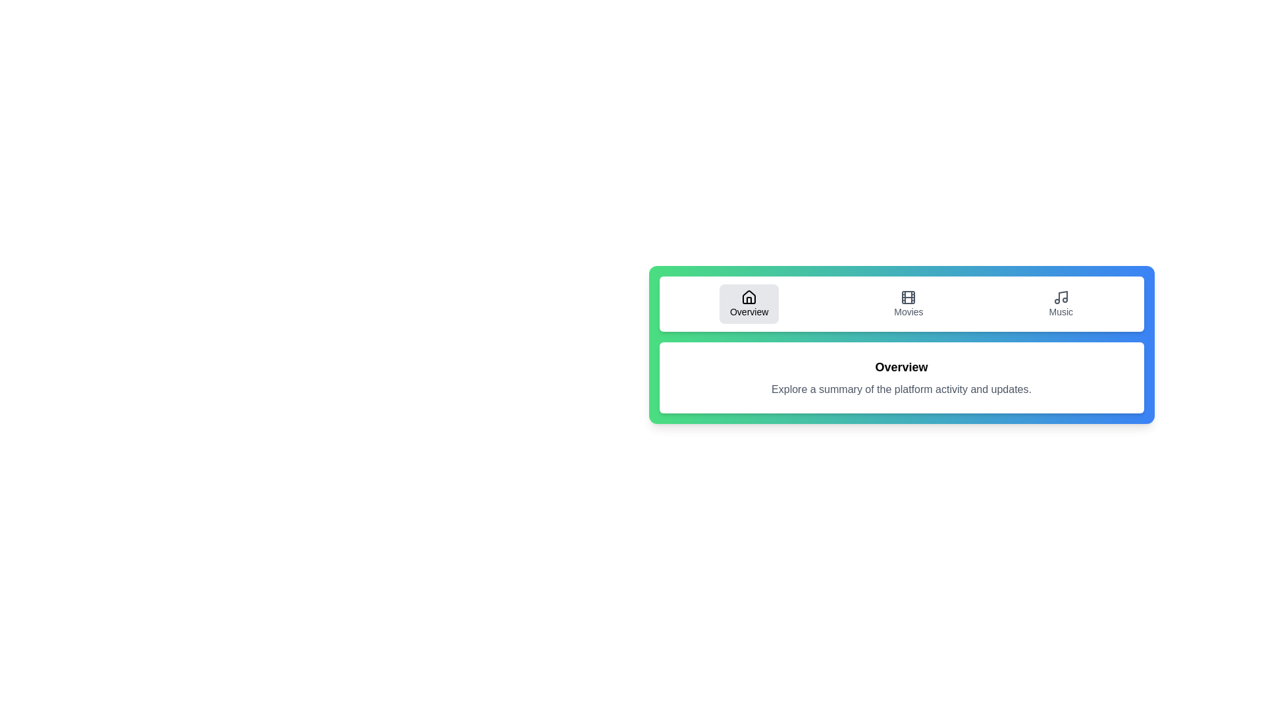 The height and width of the screenshot is (711, 1264). Describe the element at coordinates (908, 304) in the screenshot. I see `the Movies tab by clicking on it` at that location.